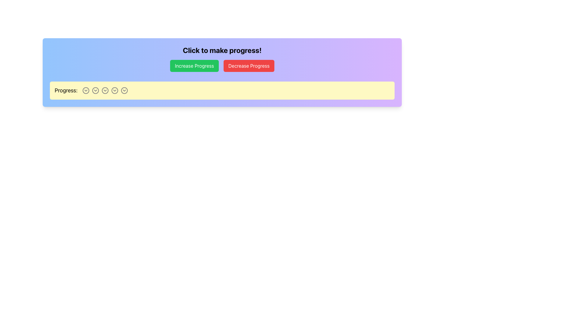 Image resolution: width=577 pixels, height=325 pixels. What do you see at coordinates (115, 90) in the screenshot?
I see `the fourth circular chevron icon pointing downward with a gray stroke in the 'Progress:' section` at bounding box center [115, 90].